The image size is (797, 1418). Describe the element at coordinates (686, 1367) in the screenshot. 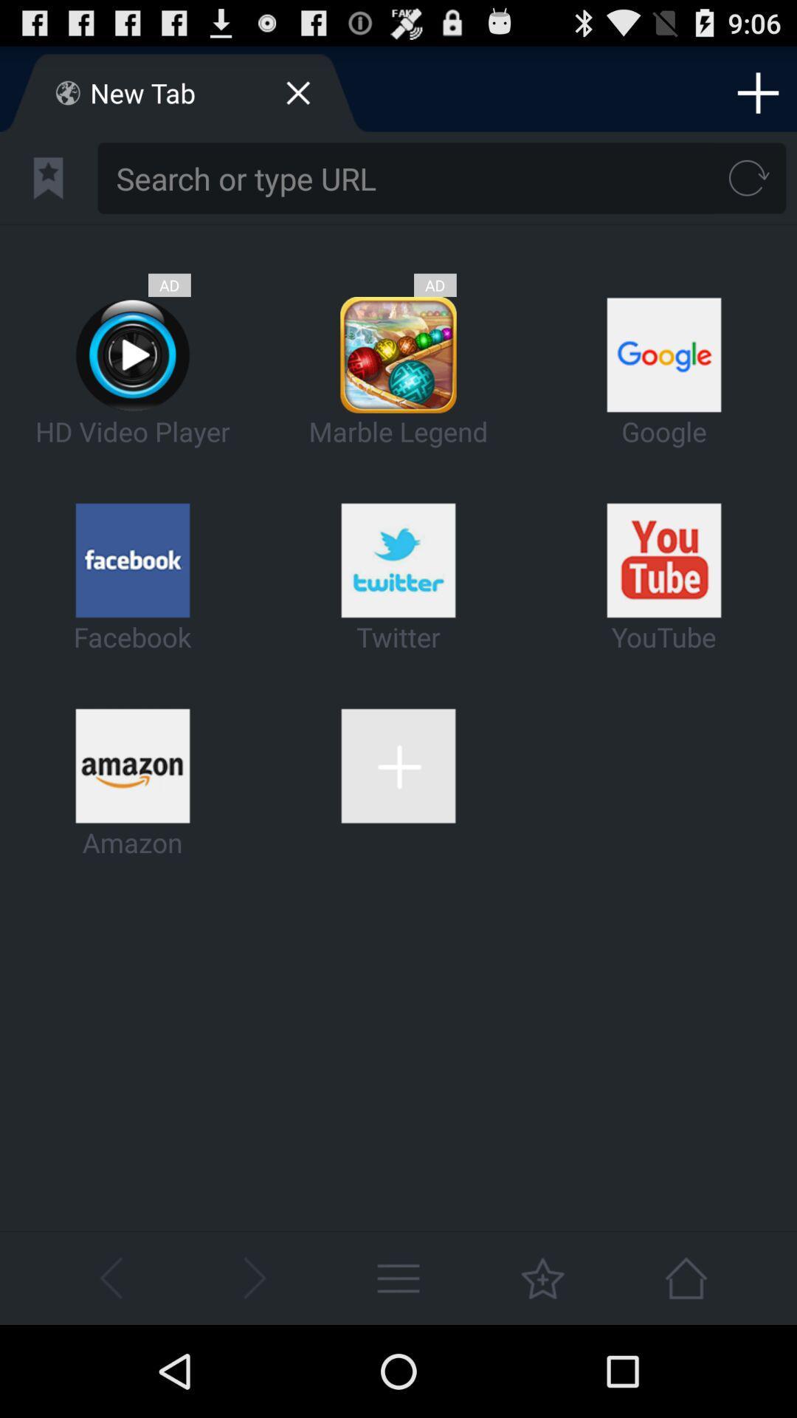

I see `the launch icon` at that location.